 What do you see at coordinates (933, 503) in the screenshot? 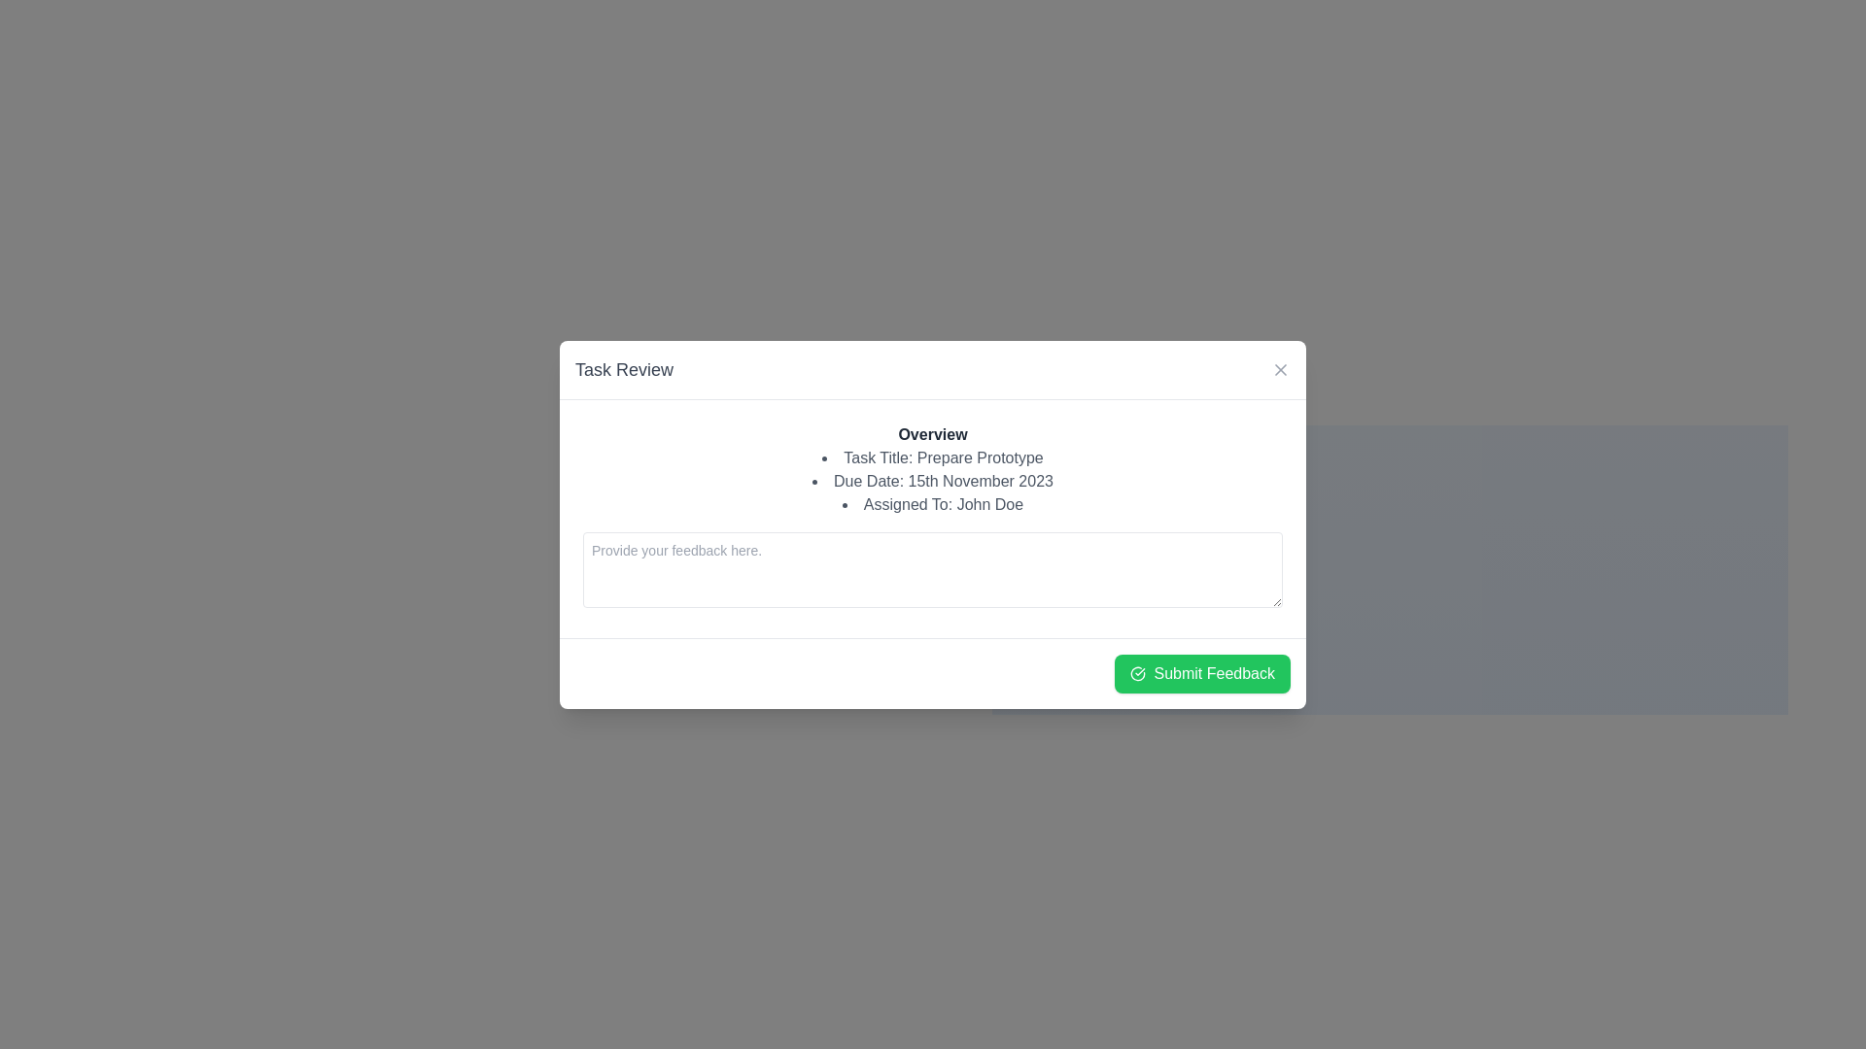
I see `the text label displaying 'Assigned To: John Doe', which is the third item in a bullet-point list within a pop-up modal` at bounding box center [933, 503].